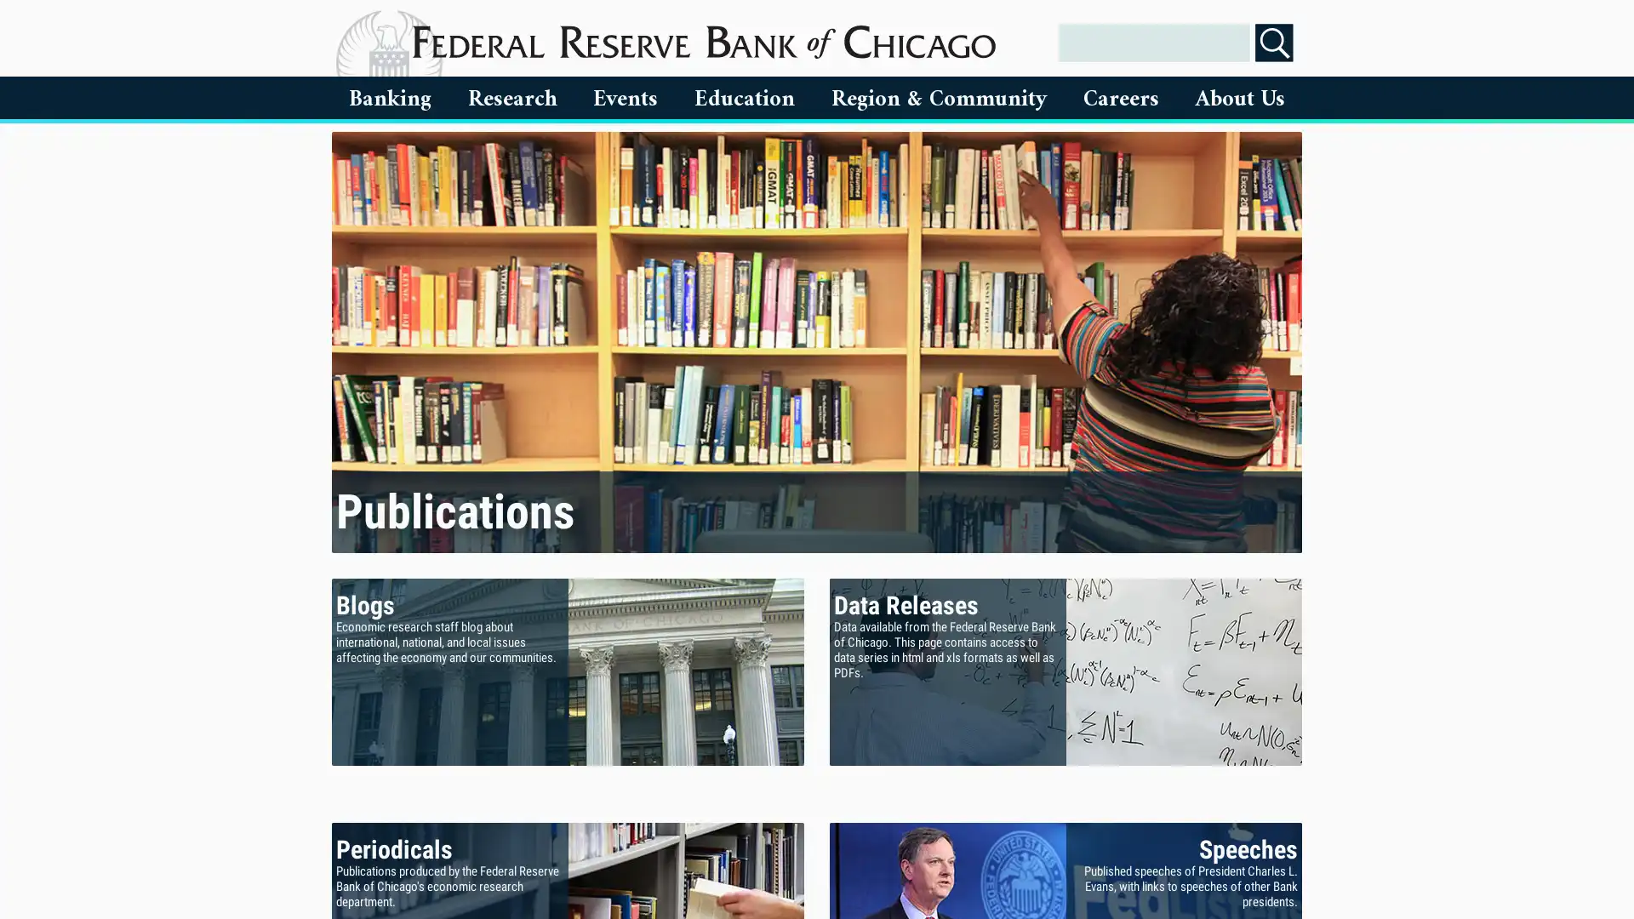  Describe the element at coordinates (1274, 42) in the screenshot. I see `Search` at that location.